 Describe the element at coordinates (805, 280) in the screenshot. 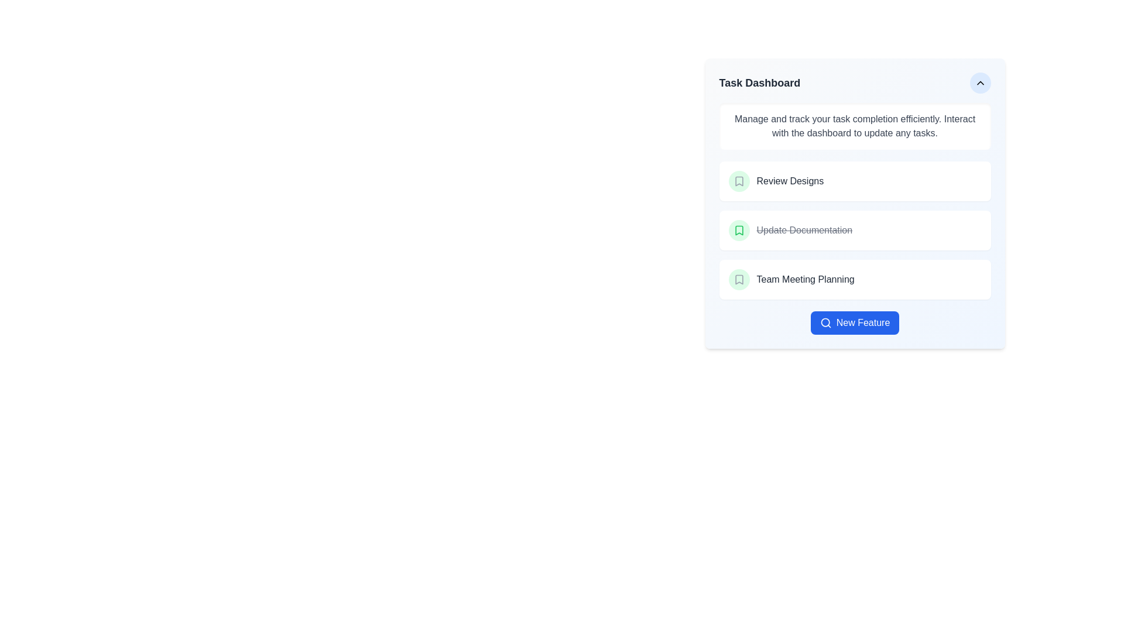

I see `the text label that serves as the title of the third task in the task management dashboard, located to the lower right of a green circled bookmark icon` at that location.